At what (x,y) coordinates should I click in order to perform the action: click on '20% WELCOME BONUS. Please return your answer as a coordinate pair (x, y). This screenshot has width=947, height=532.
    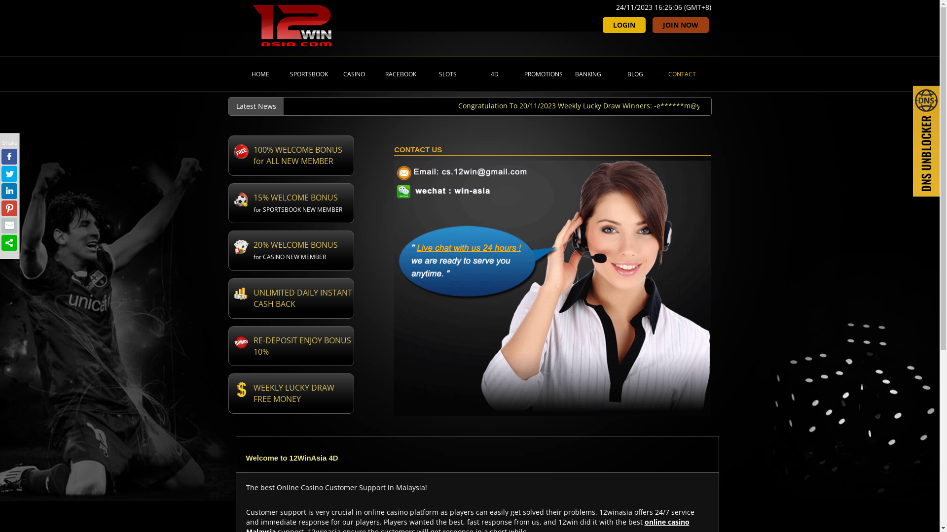
    Looking at the image, I should click on (290, 250).